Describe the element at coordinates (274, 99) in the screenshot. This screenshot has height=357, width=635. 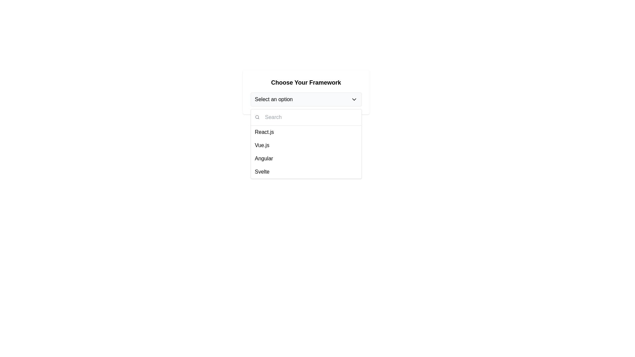
I see `the text label within the dropdown menu that allows users` at that location.